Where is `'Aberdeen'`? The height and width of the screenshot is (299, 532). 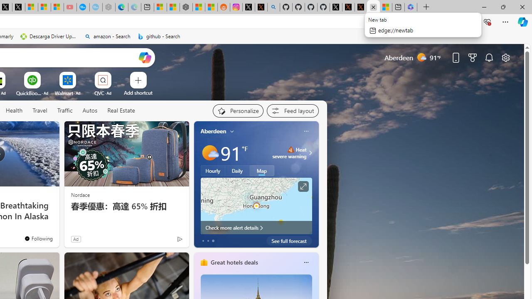
'Aberdeen' is located at coordinates (213, 131).